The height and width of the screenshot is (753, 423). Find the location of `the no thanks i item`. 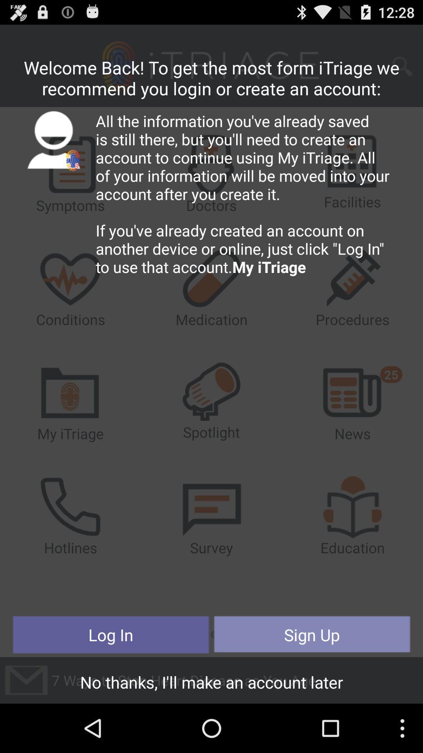

the no thanks i item is located at coordinates (211, 684).